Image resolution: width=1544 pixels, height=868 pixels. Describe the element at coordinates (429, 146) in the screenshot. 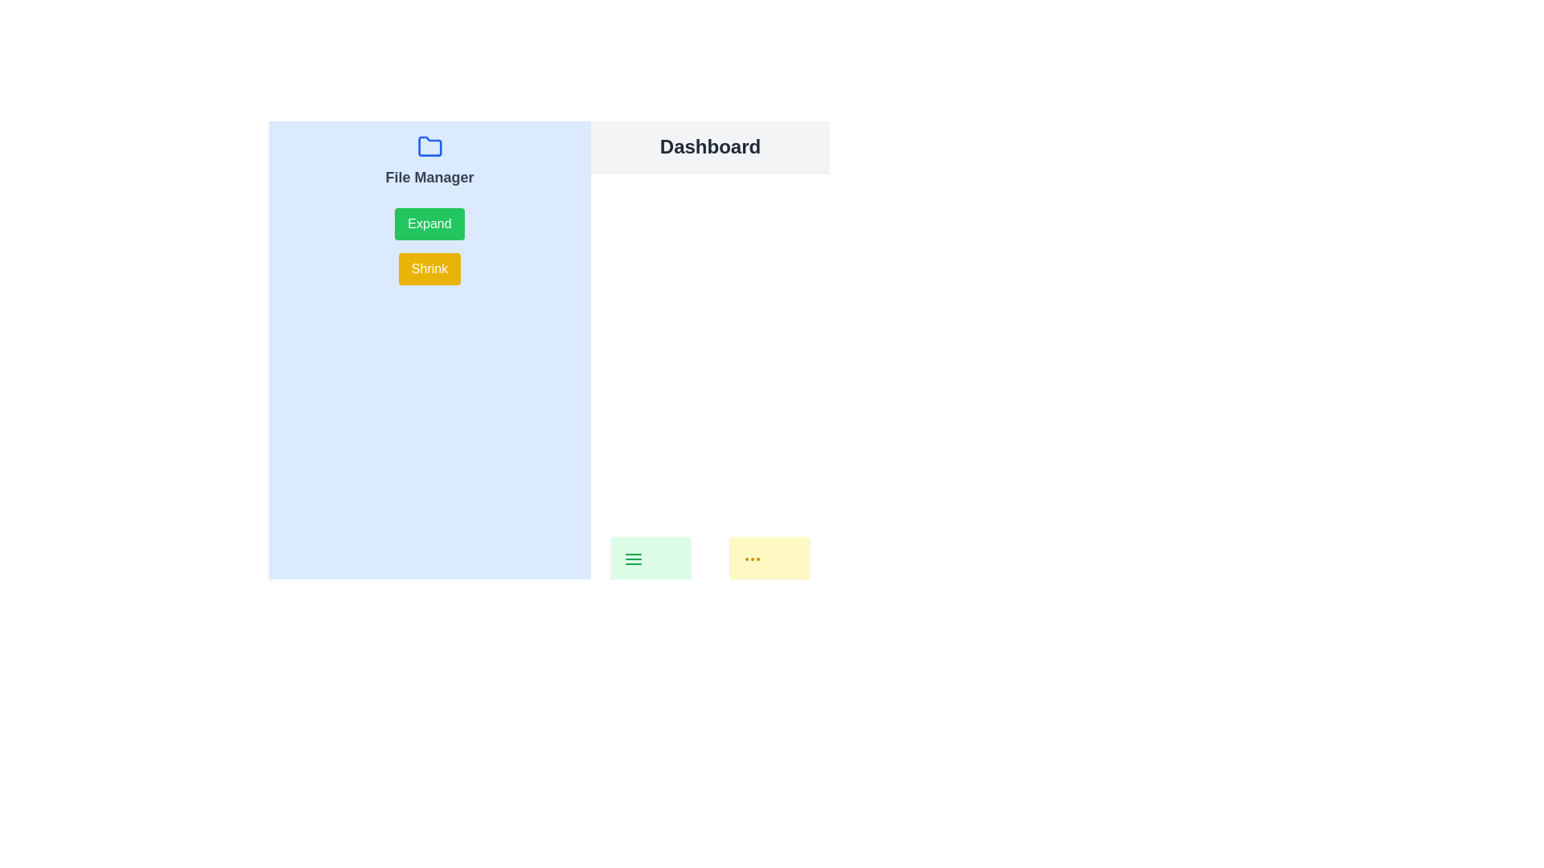

I see `the folder graphical icon located in the light blue panel labeled 'File Manager', positioned above the 'Expand' and 'Shrink' buttons` at that location.